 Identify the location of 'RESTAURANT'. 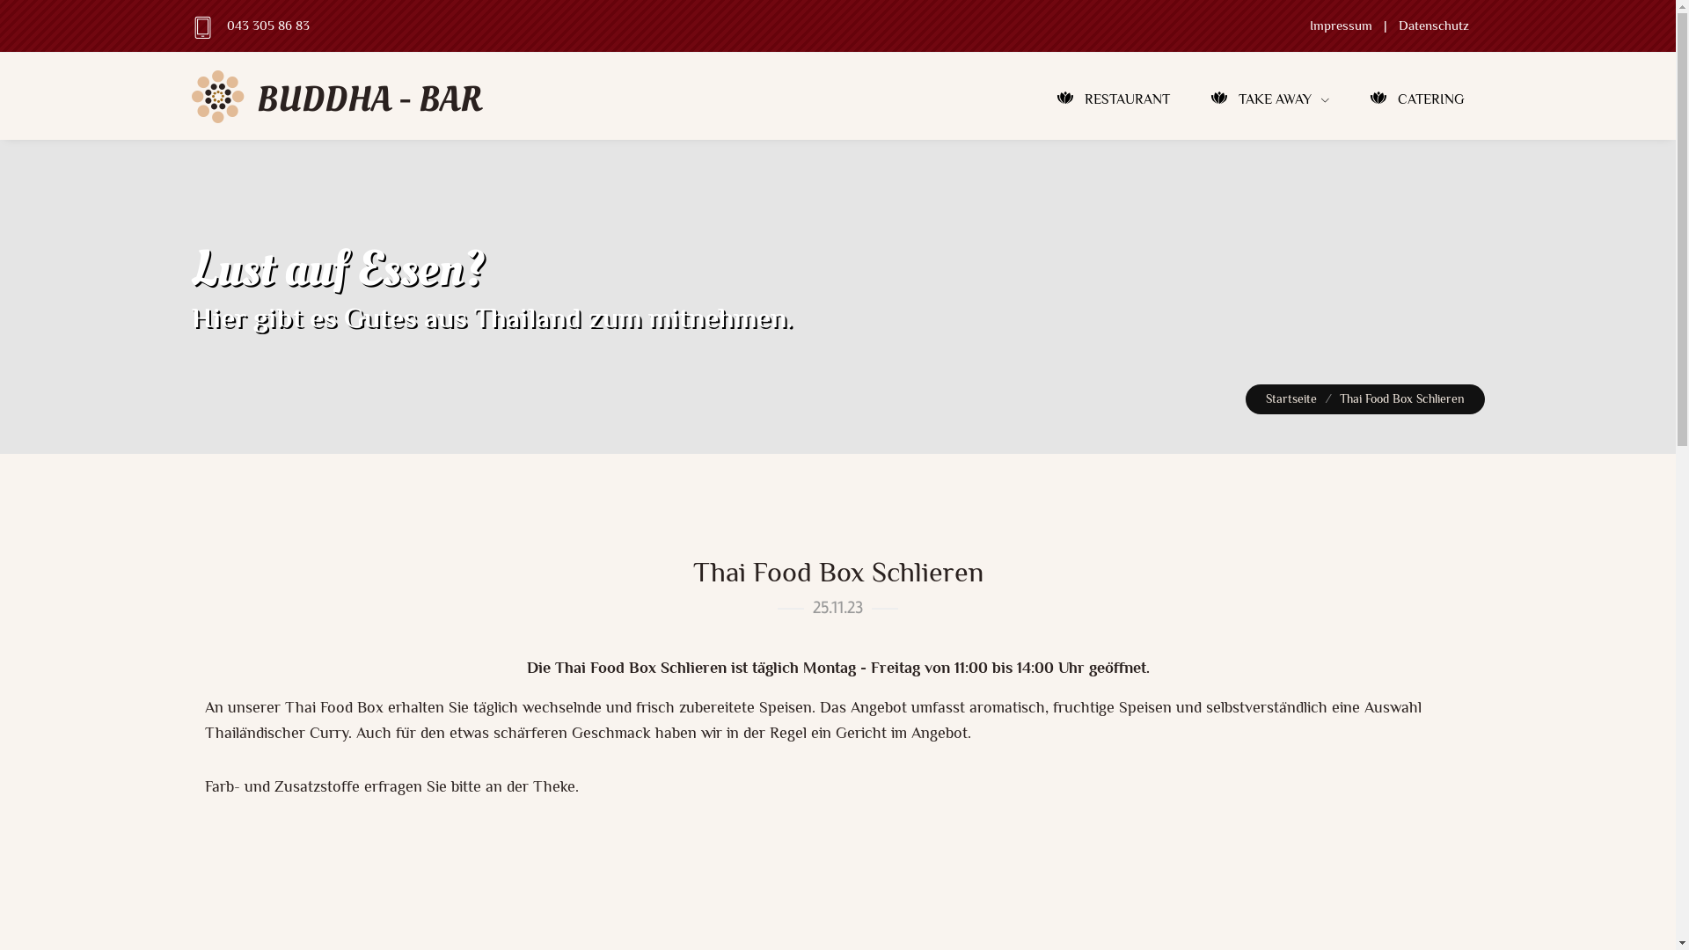
(1113, 99).